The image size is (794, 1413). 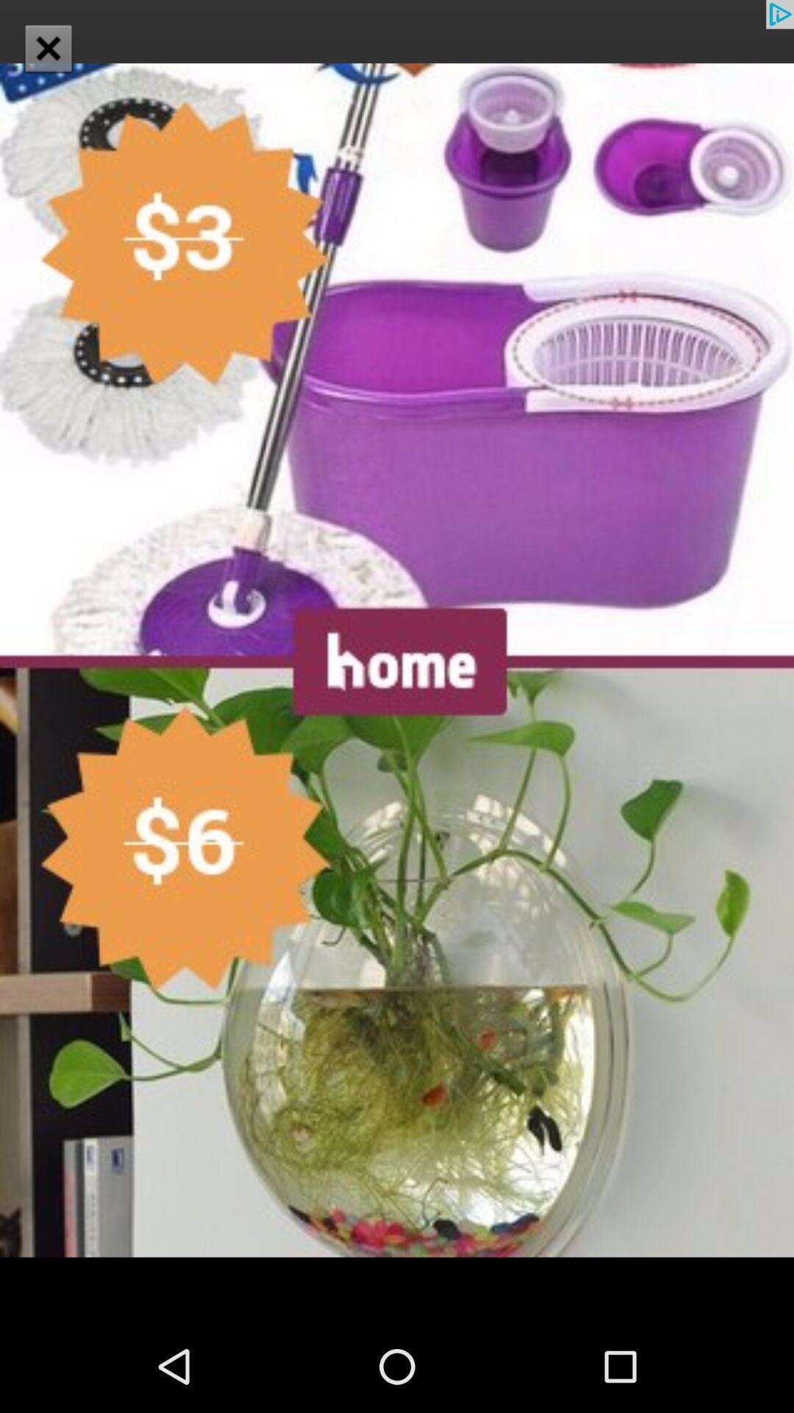 What do you see at coordinates (47, 52) in the screenshot?
I see `the close icon` at bounding box center [47, 52].